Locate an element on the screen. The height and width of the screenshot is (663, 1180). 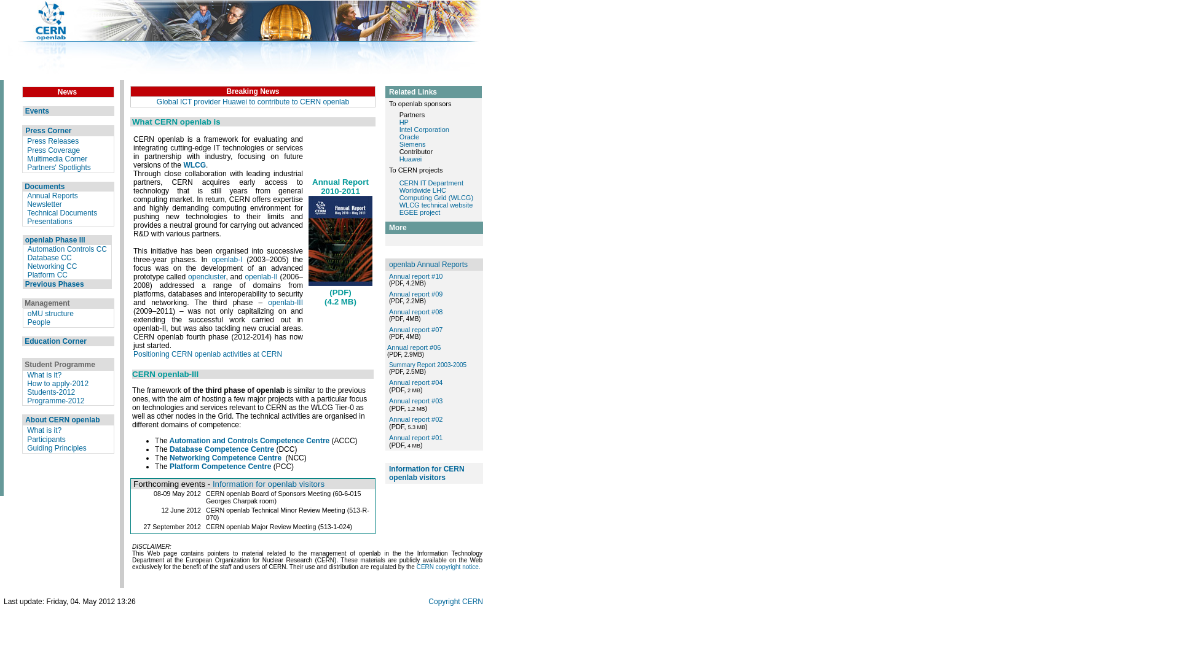
'Programme-2012' is located at coordinates (55, 400).